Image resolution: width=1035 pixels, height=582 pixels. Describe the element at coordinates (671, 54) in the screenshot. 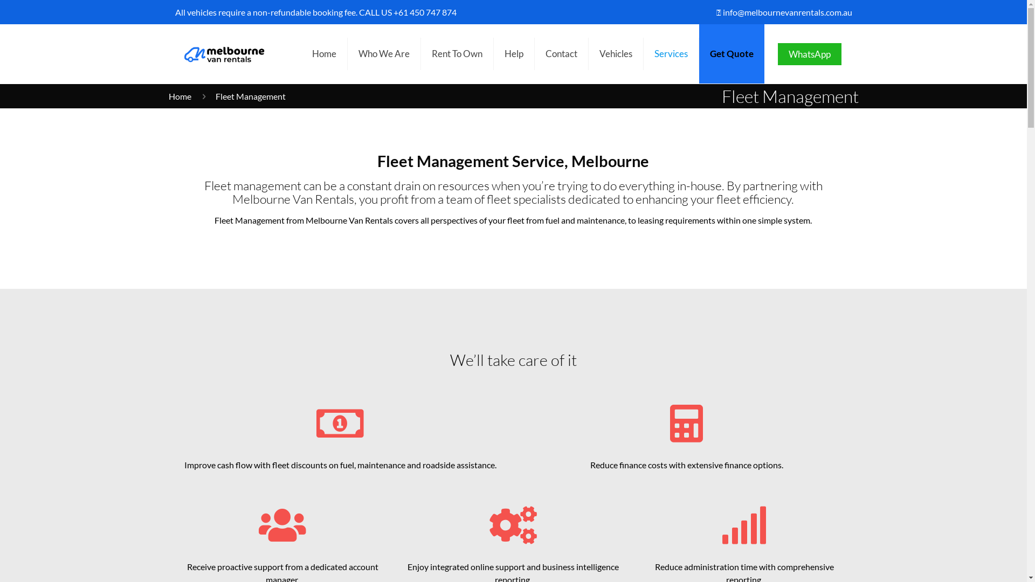

I see `'Services'` at that location.